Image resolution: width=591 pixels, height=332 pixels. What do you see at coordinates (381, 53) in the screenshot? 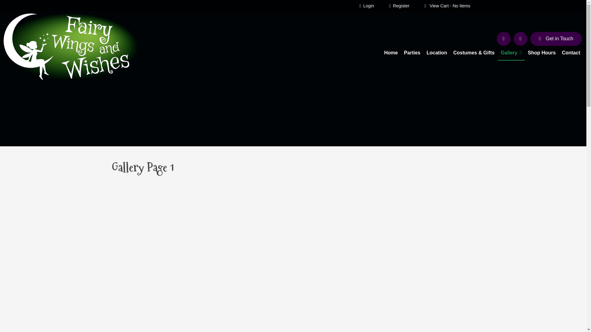
I see `'Home'` at bounding box center [381, 53].